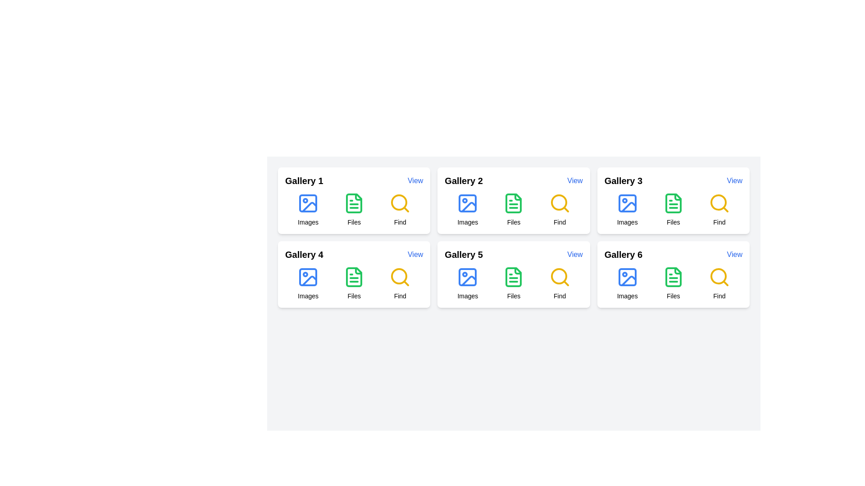  What do you see at coordinates (673, 210) in the screenshot?
I see `the green document icon labeled 'Files', which is positioned between the 'Images' and 'Find' icons in the 'Gallery 3' group` at bounding box center [673, 210].